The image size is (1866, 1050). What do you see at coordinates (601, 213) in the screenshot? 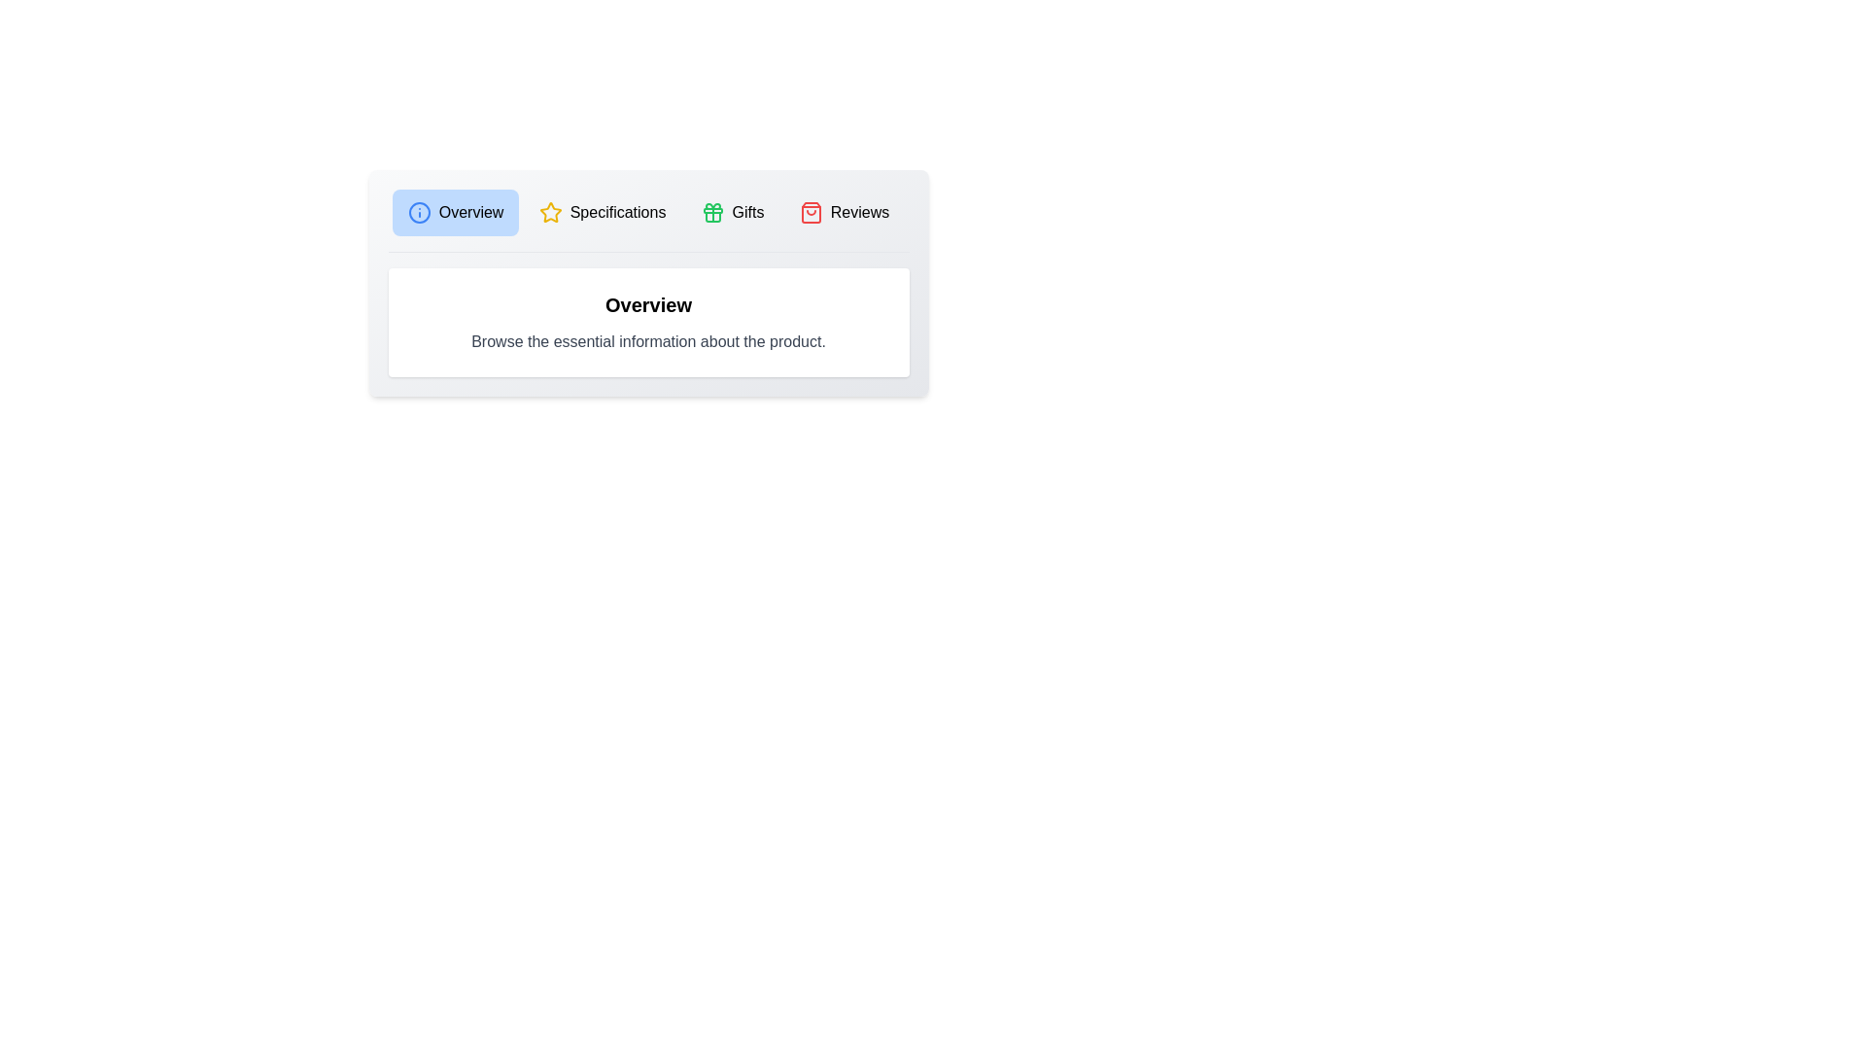
I see `the tab labeled Specifications` at bounding box center [601, 213].